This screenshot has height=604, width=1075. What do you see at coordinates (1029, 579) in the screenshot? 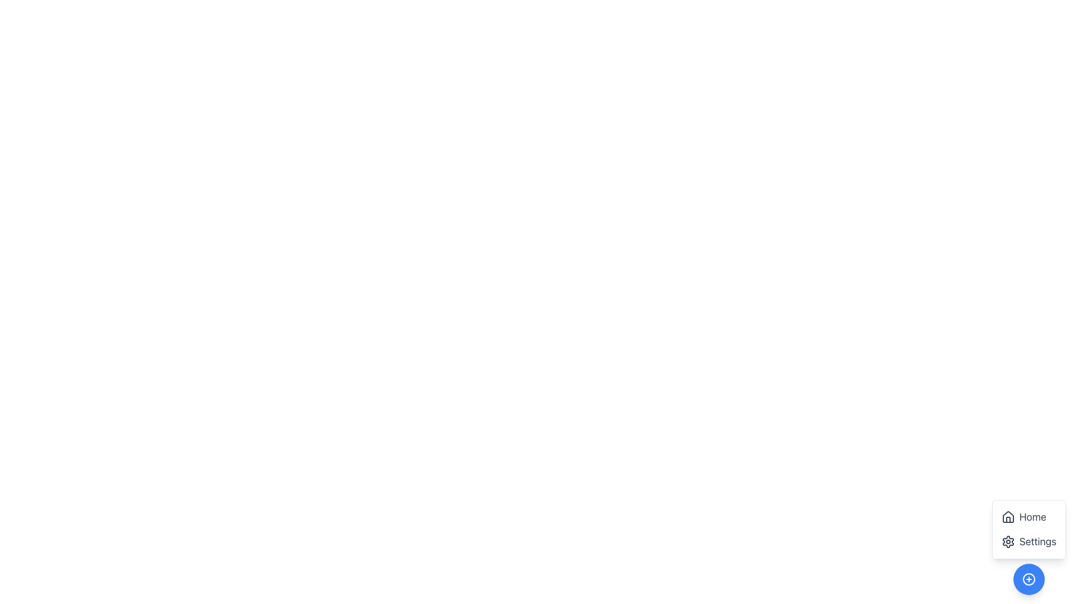
I see `the button with a plus sign SVG icon located at the bottom-right corner of the interface` at bounding box center [1029, 579].